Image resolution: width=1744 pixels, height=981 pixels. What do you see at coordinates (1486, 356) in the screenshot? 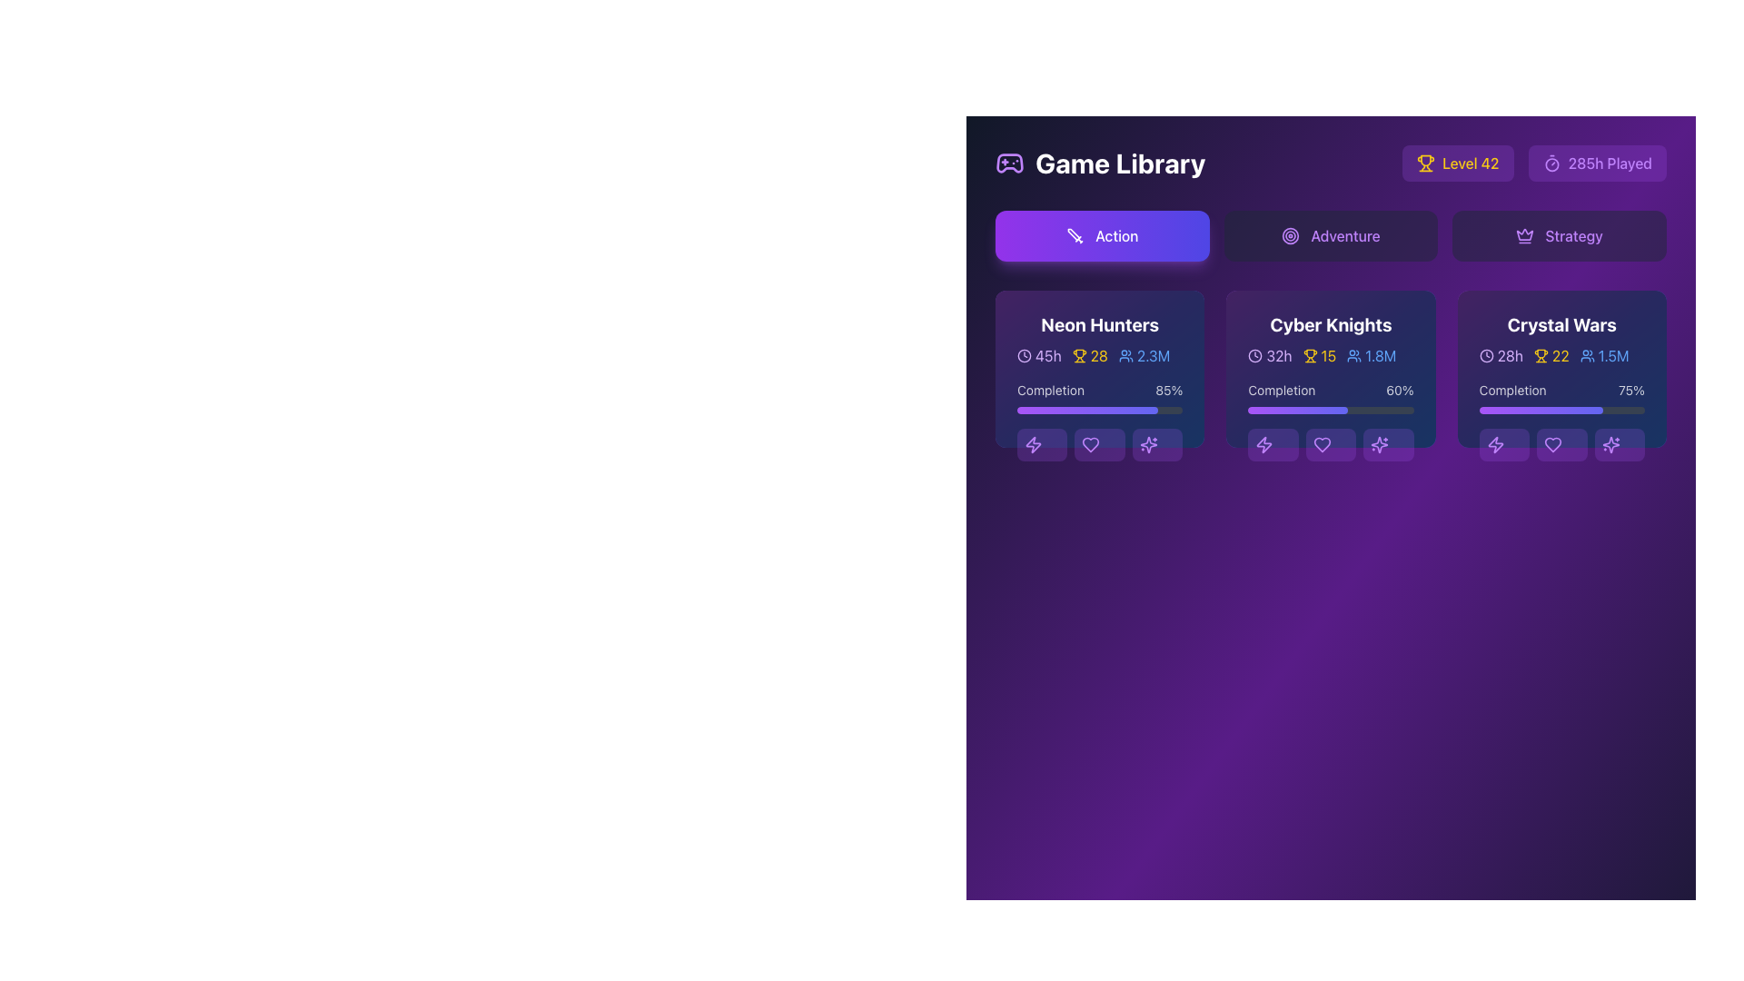
I see `the time-related metric icon located at the top-left corner of the game card, displayed before the text '28h'` at bounding box center [1486, 356].